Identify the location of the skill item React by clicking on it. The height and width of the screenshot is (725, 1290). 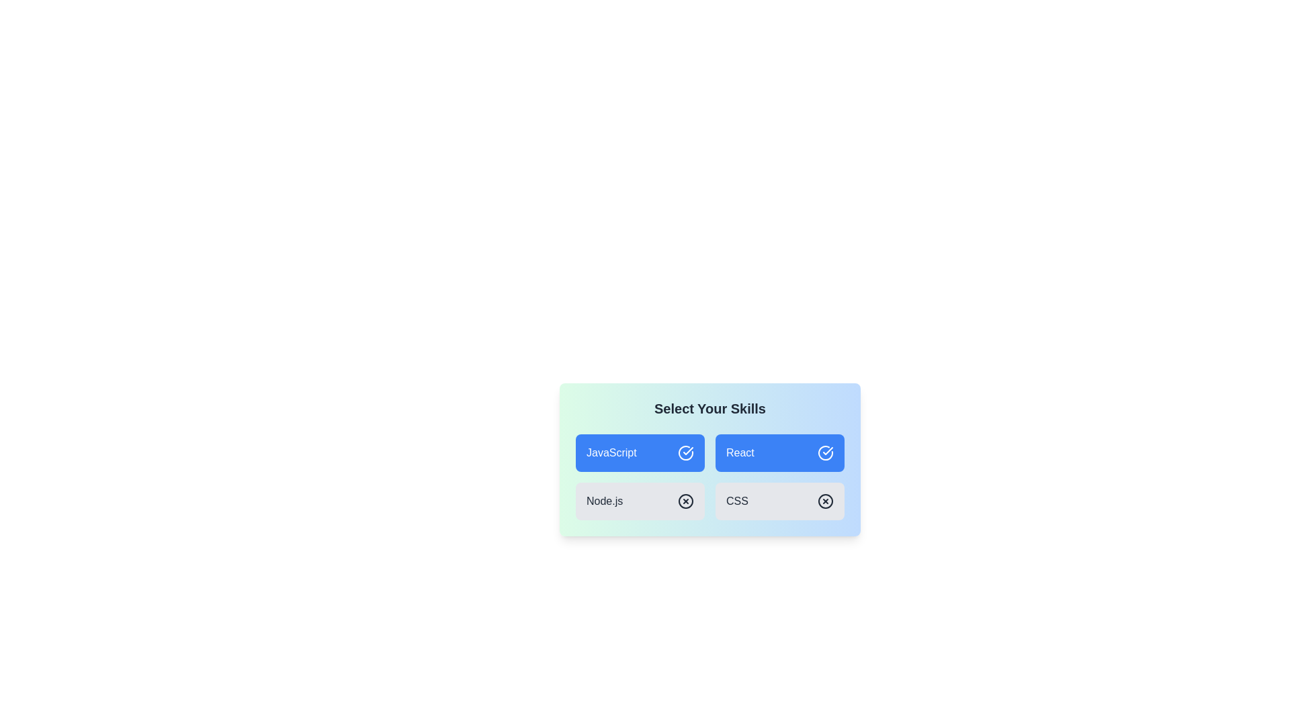
(780, 453).